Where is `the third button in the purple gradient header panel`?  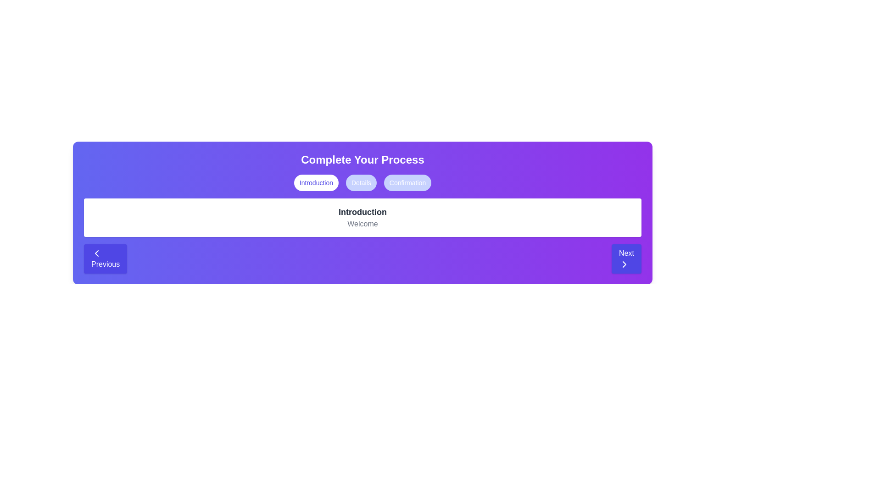
the third button in the purple gradient header panel is located at coordinates (407, 182).